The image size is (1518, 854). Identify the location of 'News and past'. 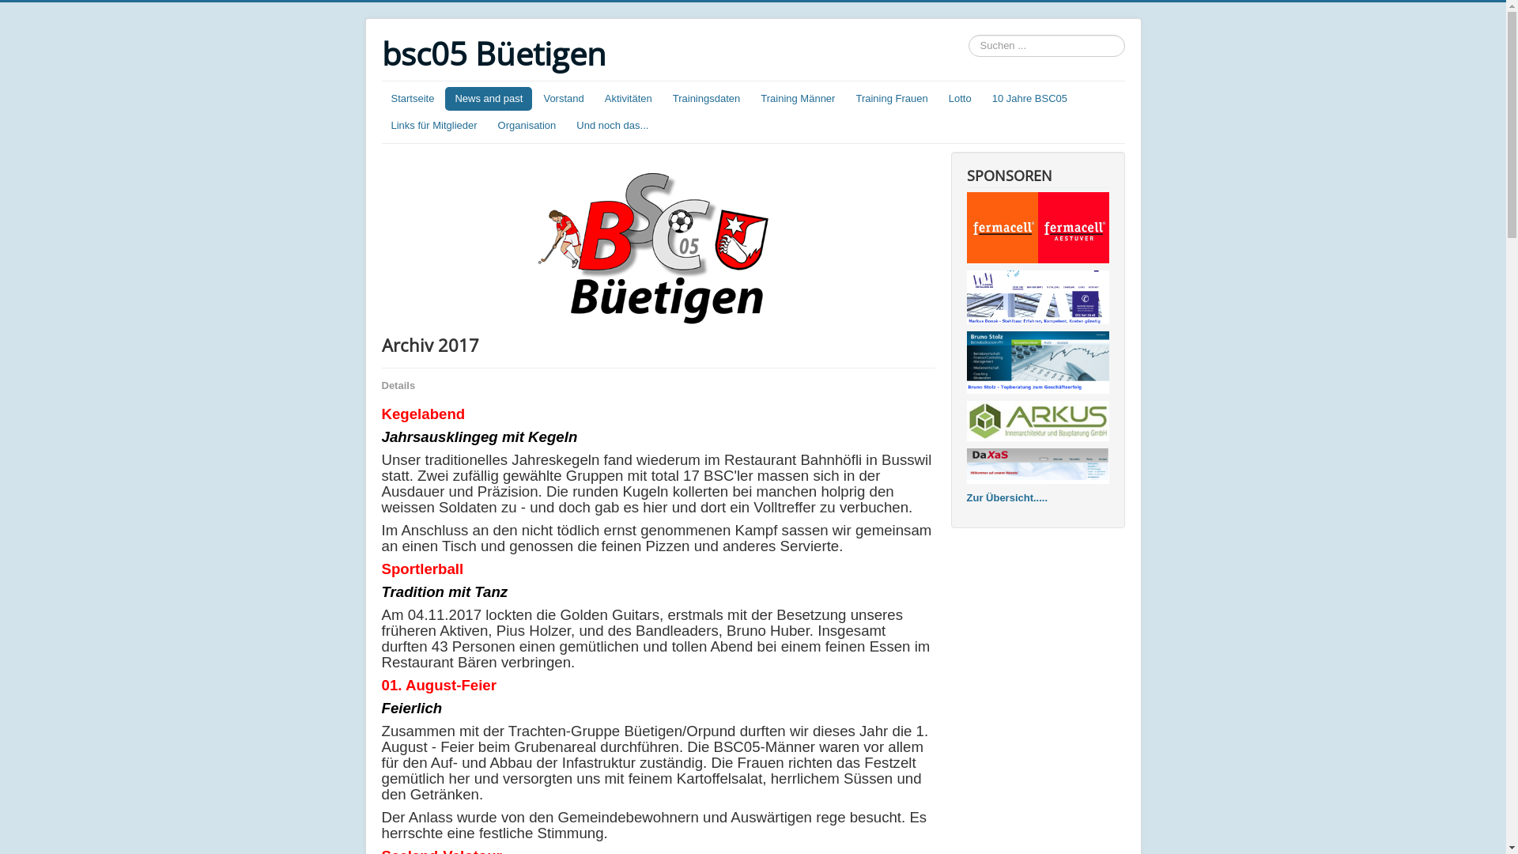
(488, 98).